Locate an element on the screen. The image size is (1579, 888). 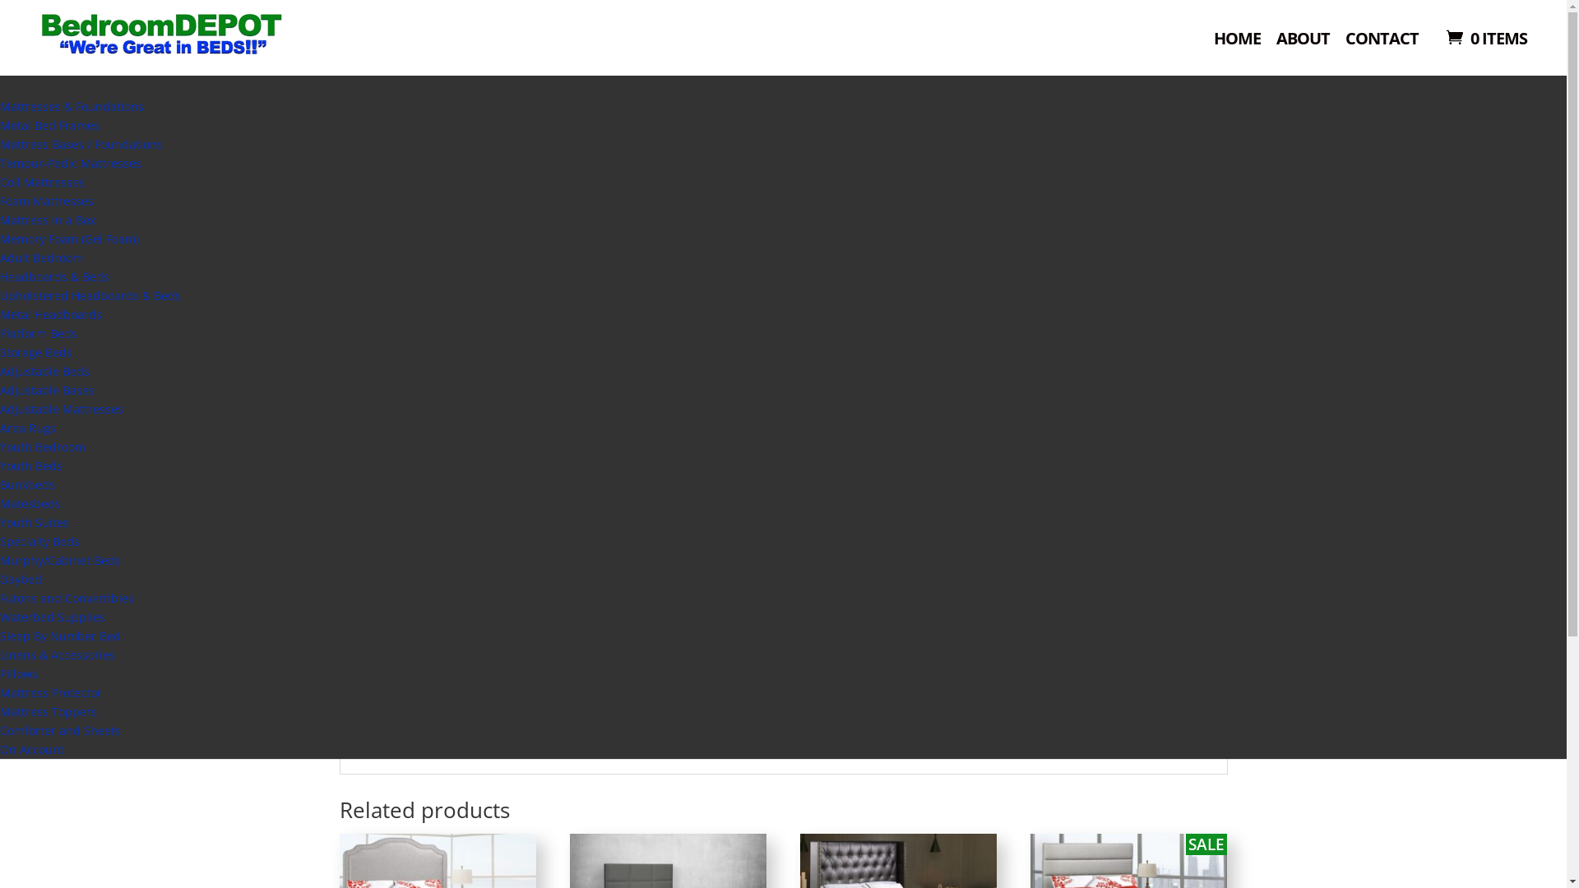
'Youth Beds' is located at coordinates (31, 465).